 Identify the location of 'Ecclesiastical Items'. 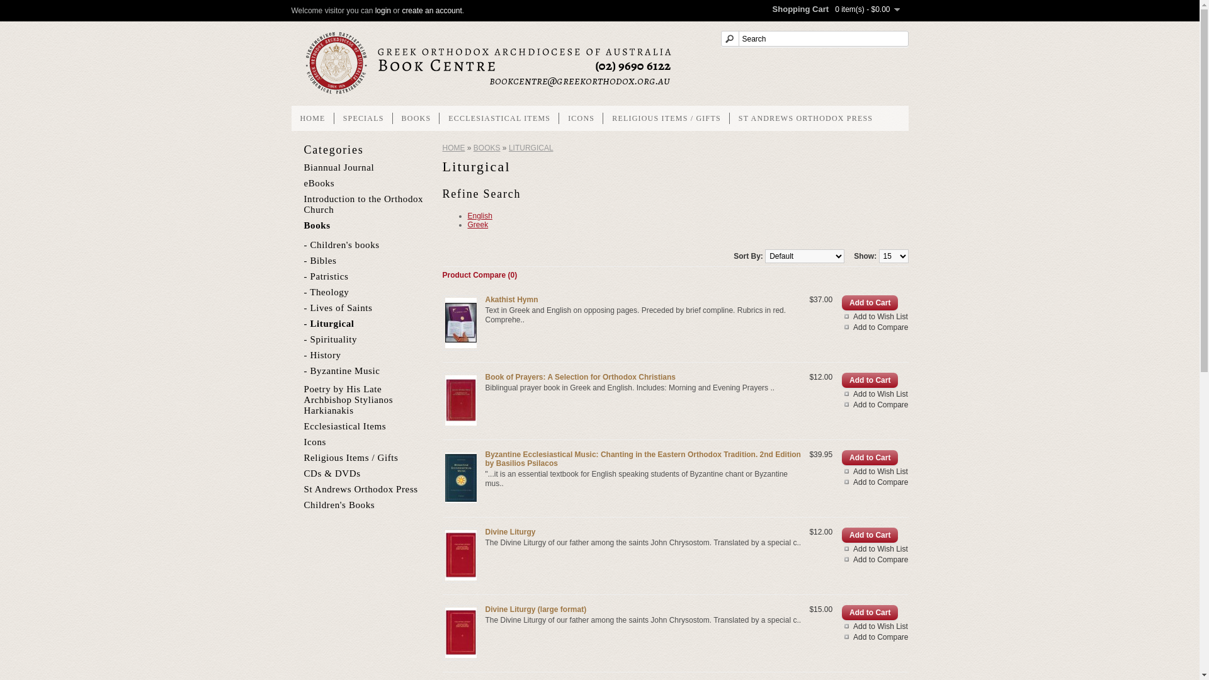
(344, 426).